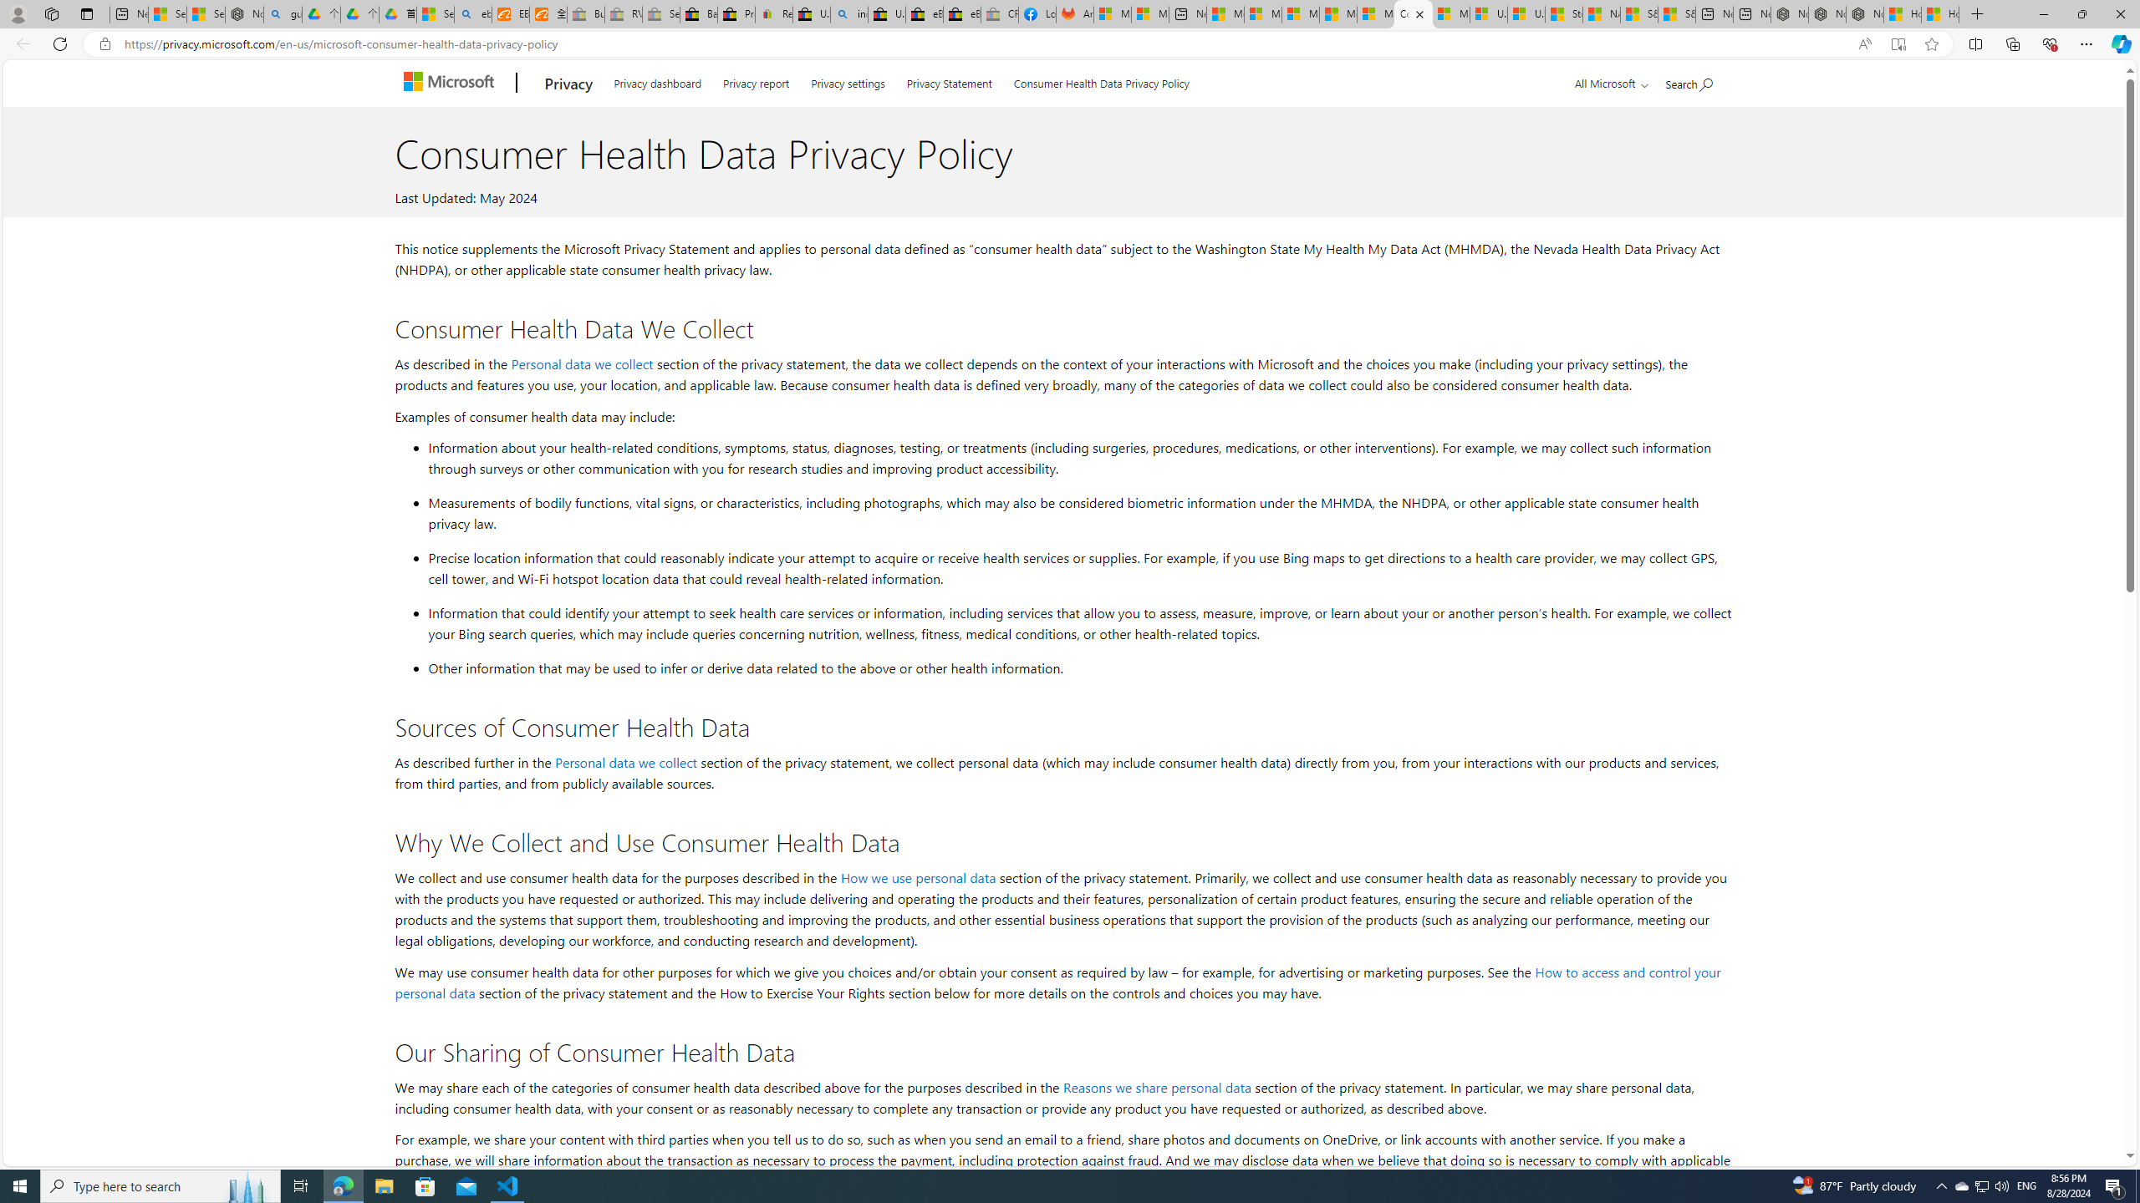  I want to click on 'How we use personal data', so click(918, 876).